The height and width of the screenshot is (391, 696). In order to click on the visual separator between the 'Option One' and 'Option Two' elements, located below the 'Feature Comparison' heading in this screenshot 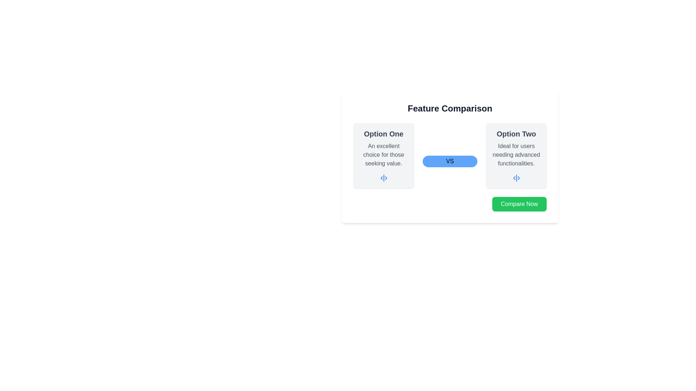, I will do `click(449, 161)`.